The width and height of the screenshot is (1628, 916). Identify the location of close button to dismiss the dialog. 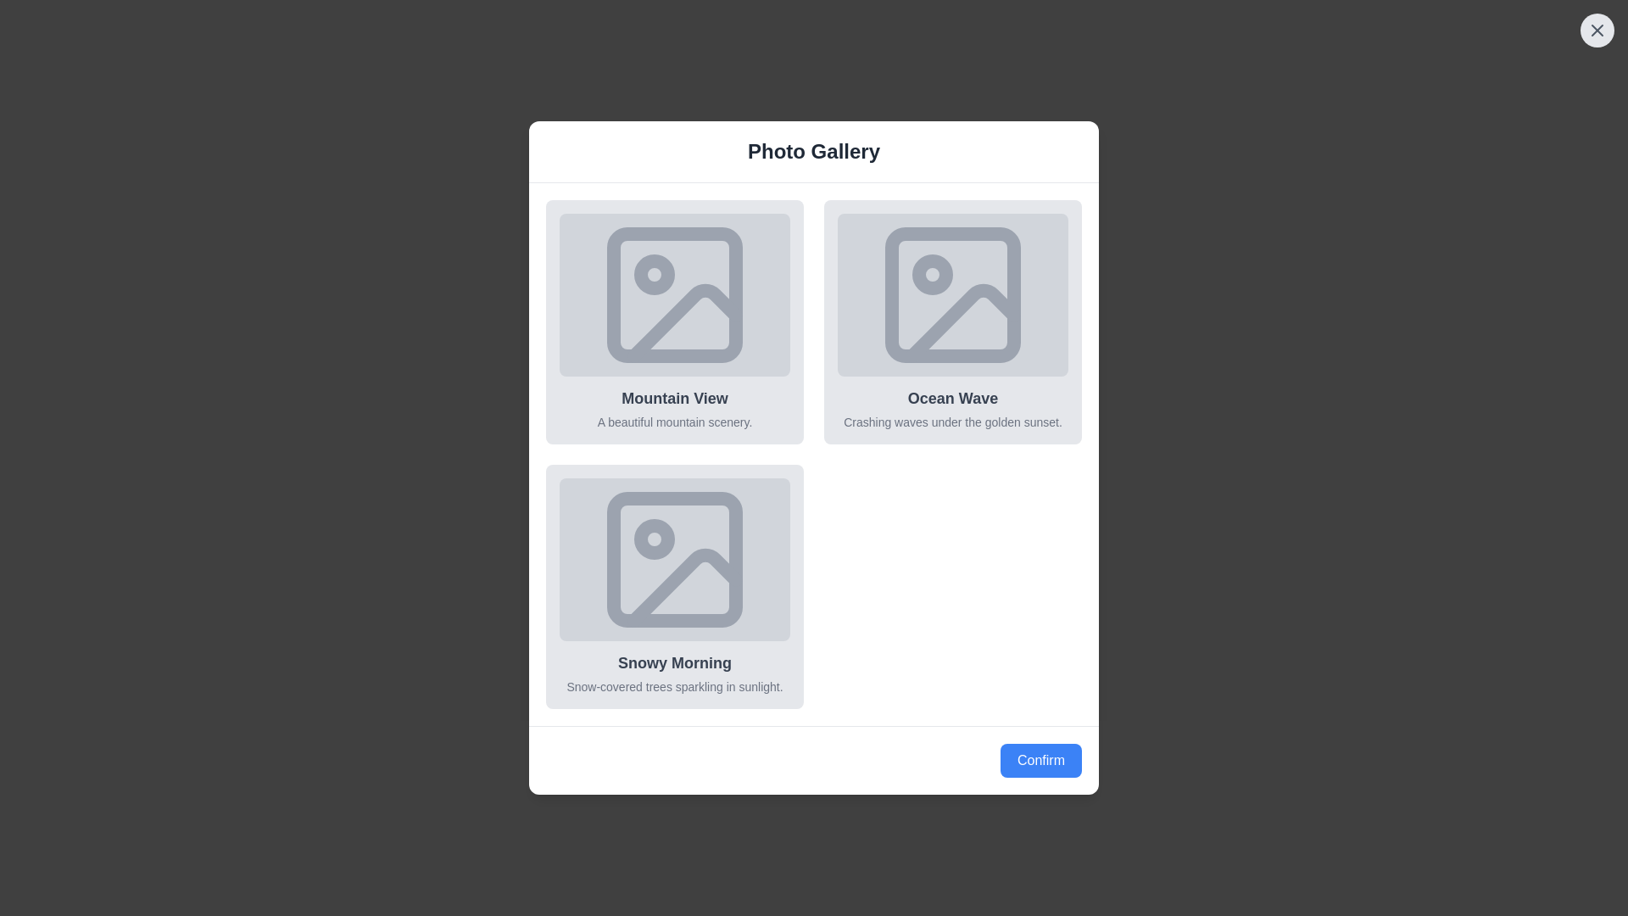
(1596, 30).